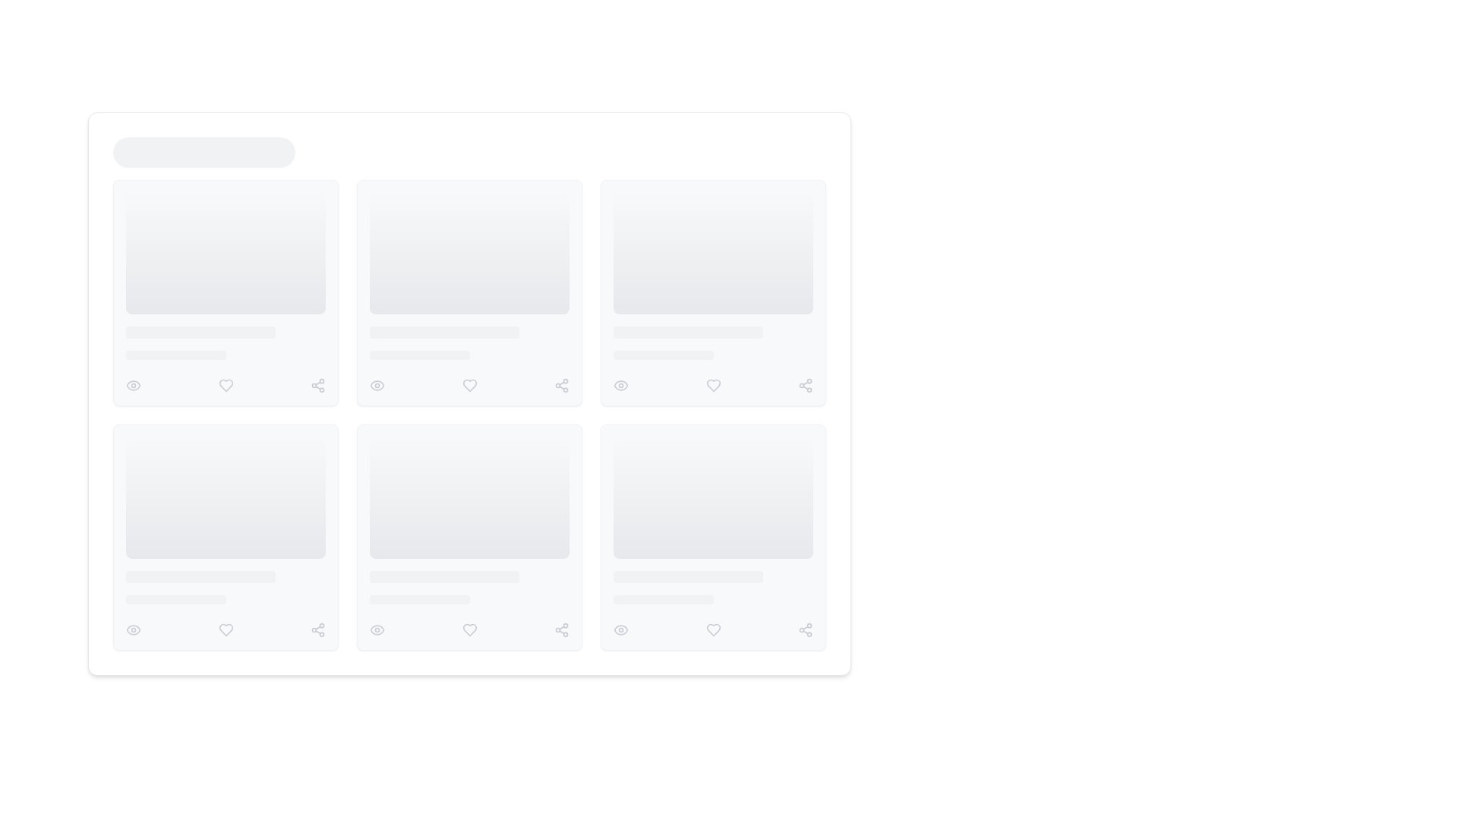  I want to click on the eye-shaped icon, which is the leftmost icon in a horizontal row of icons located at the bottom left corner of a card layout, so click(134, 629).